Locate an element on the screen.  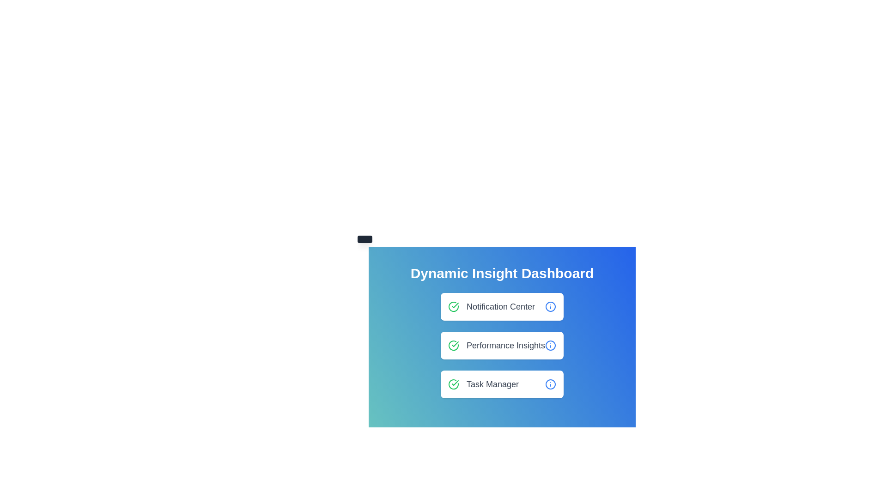
the 'Performance Insights' card in the Dynamic Insight Dashboard is located at coordinates (501, 346).